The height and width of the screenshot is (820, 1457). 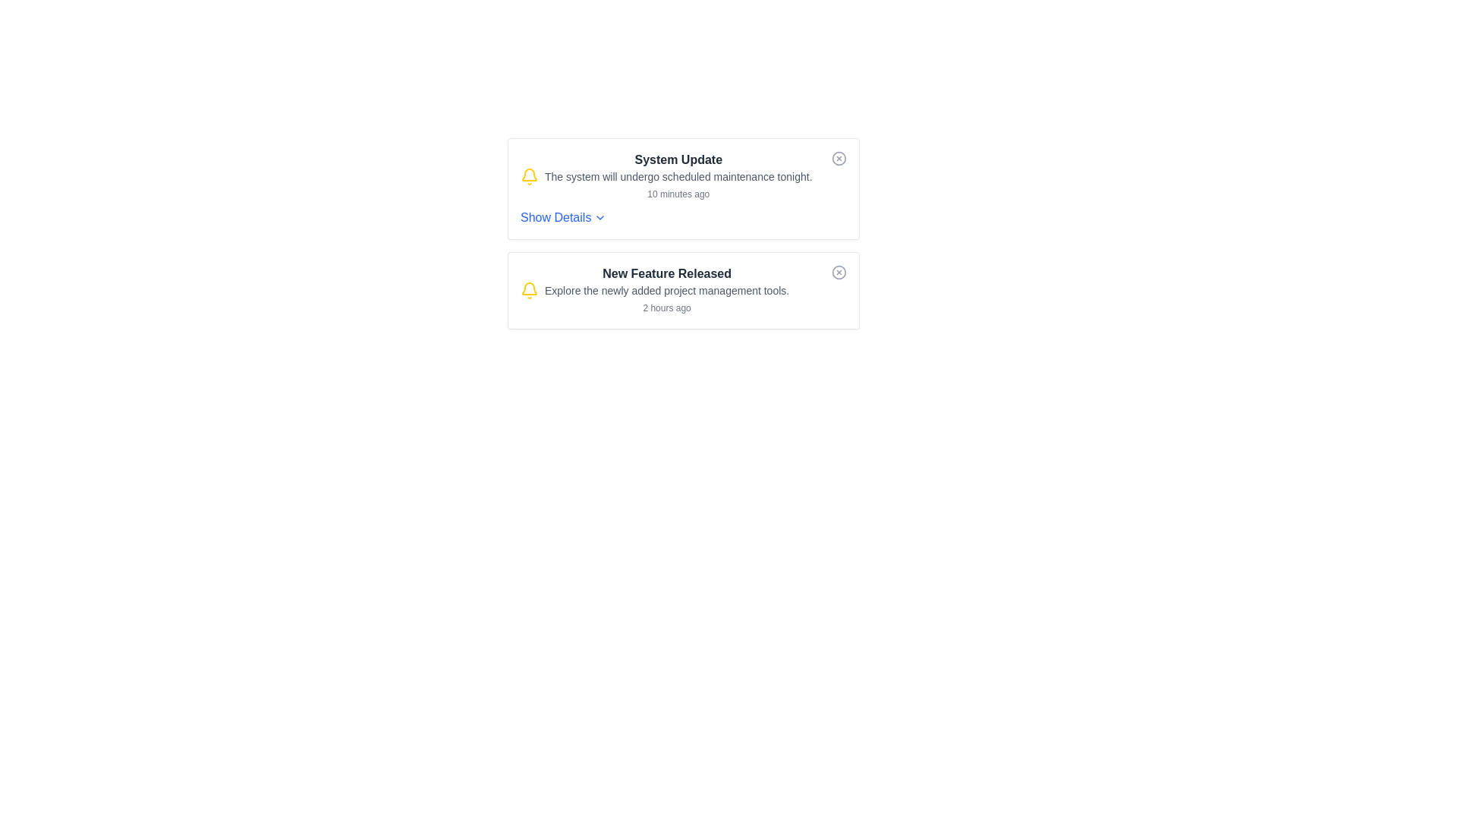 I want to click on the yellow bell icon representing notifications, located at the left edge of the 'System Update' notification card, for status indication, so click(x=529, y=175).